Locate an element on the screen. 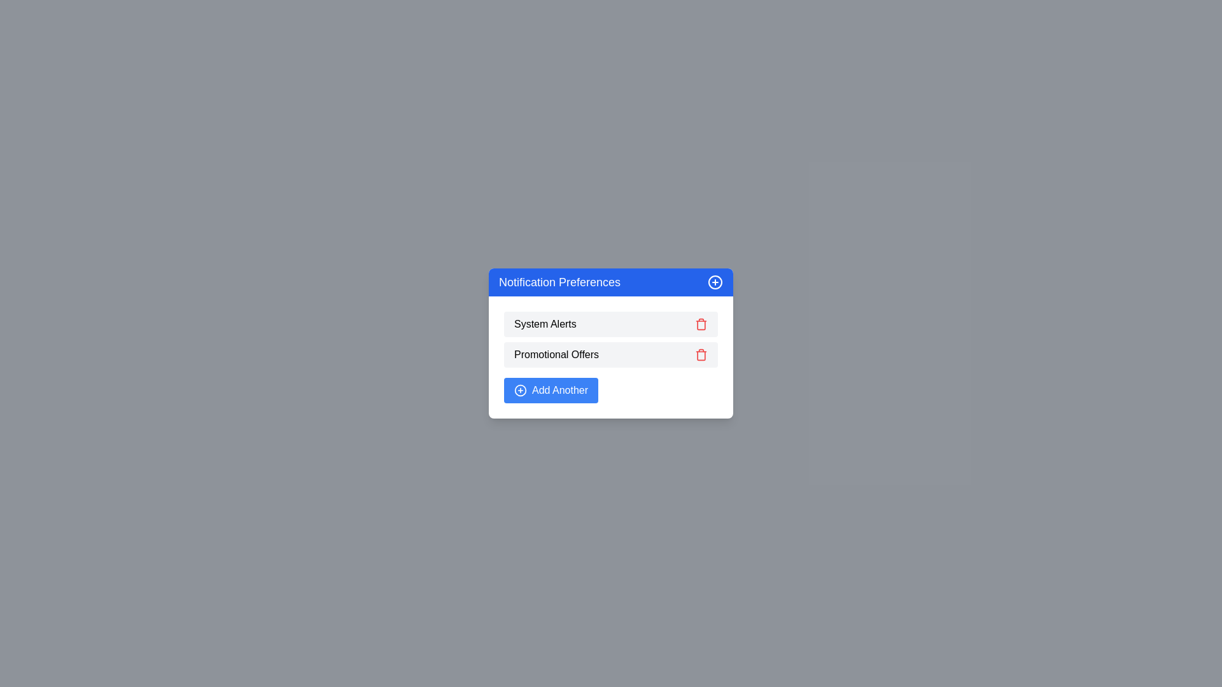 Image resolution: width=1222 pixels, height=687 pixels. header text of the card that manages notification preferences, which is indicated by the header with an icon at the top of the white rectangular card is located at coordinates (611, 281).